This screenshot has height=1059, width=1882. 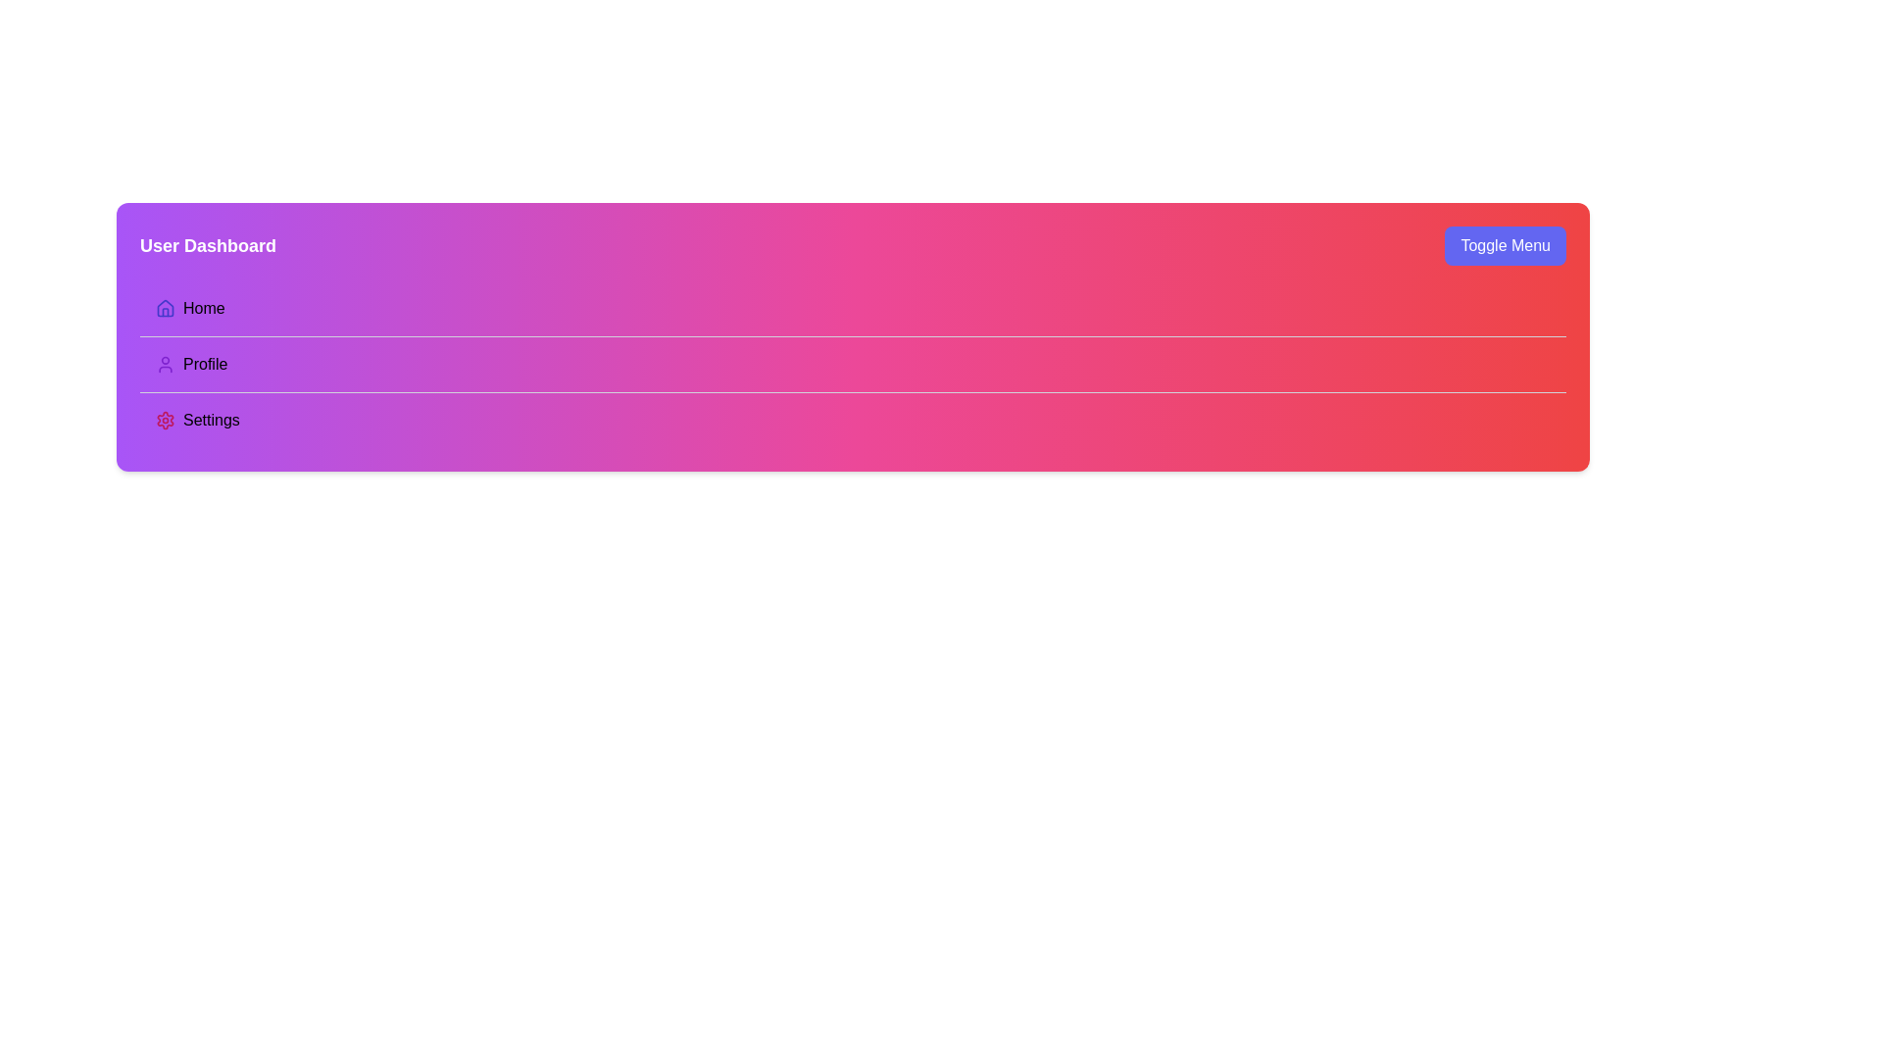 What do you see at coordinates (853, 364) in the screenshot?
I see `the 'Profile' navigational button within the menu for keyboard interaction` at bounding box center [853, 364].